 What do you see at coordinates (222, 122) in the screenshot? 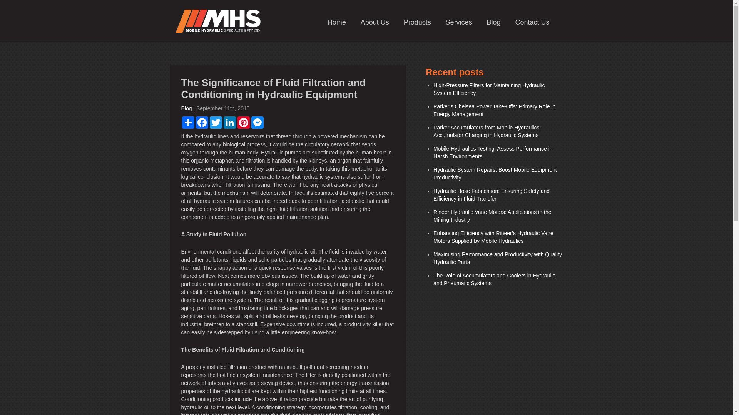
I see `'LinkedIn'` at bounding box center [222, 122].